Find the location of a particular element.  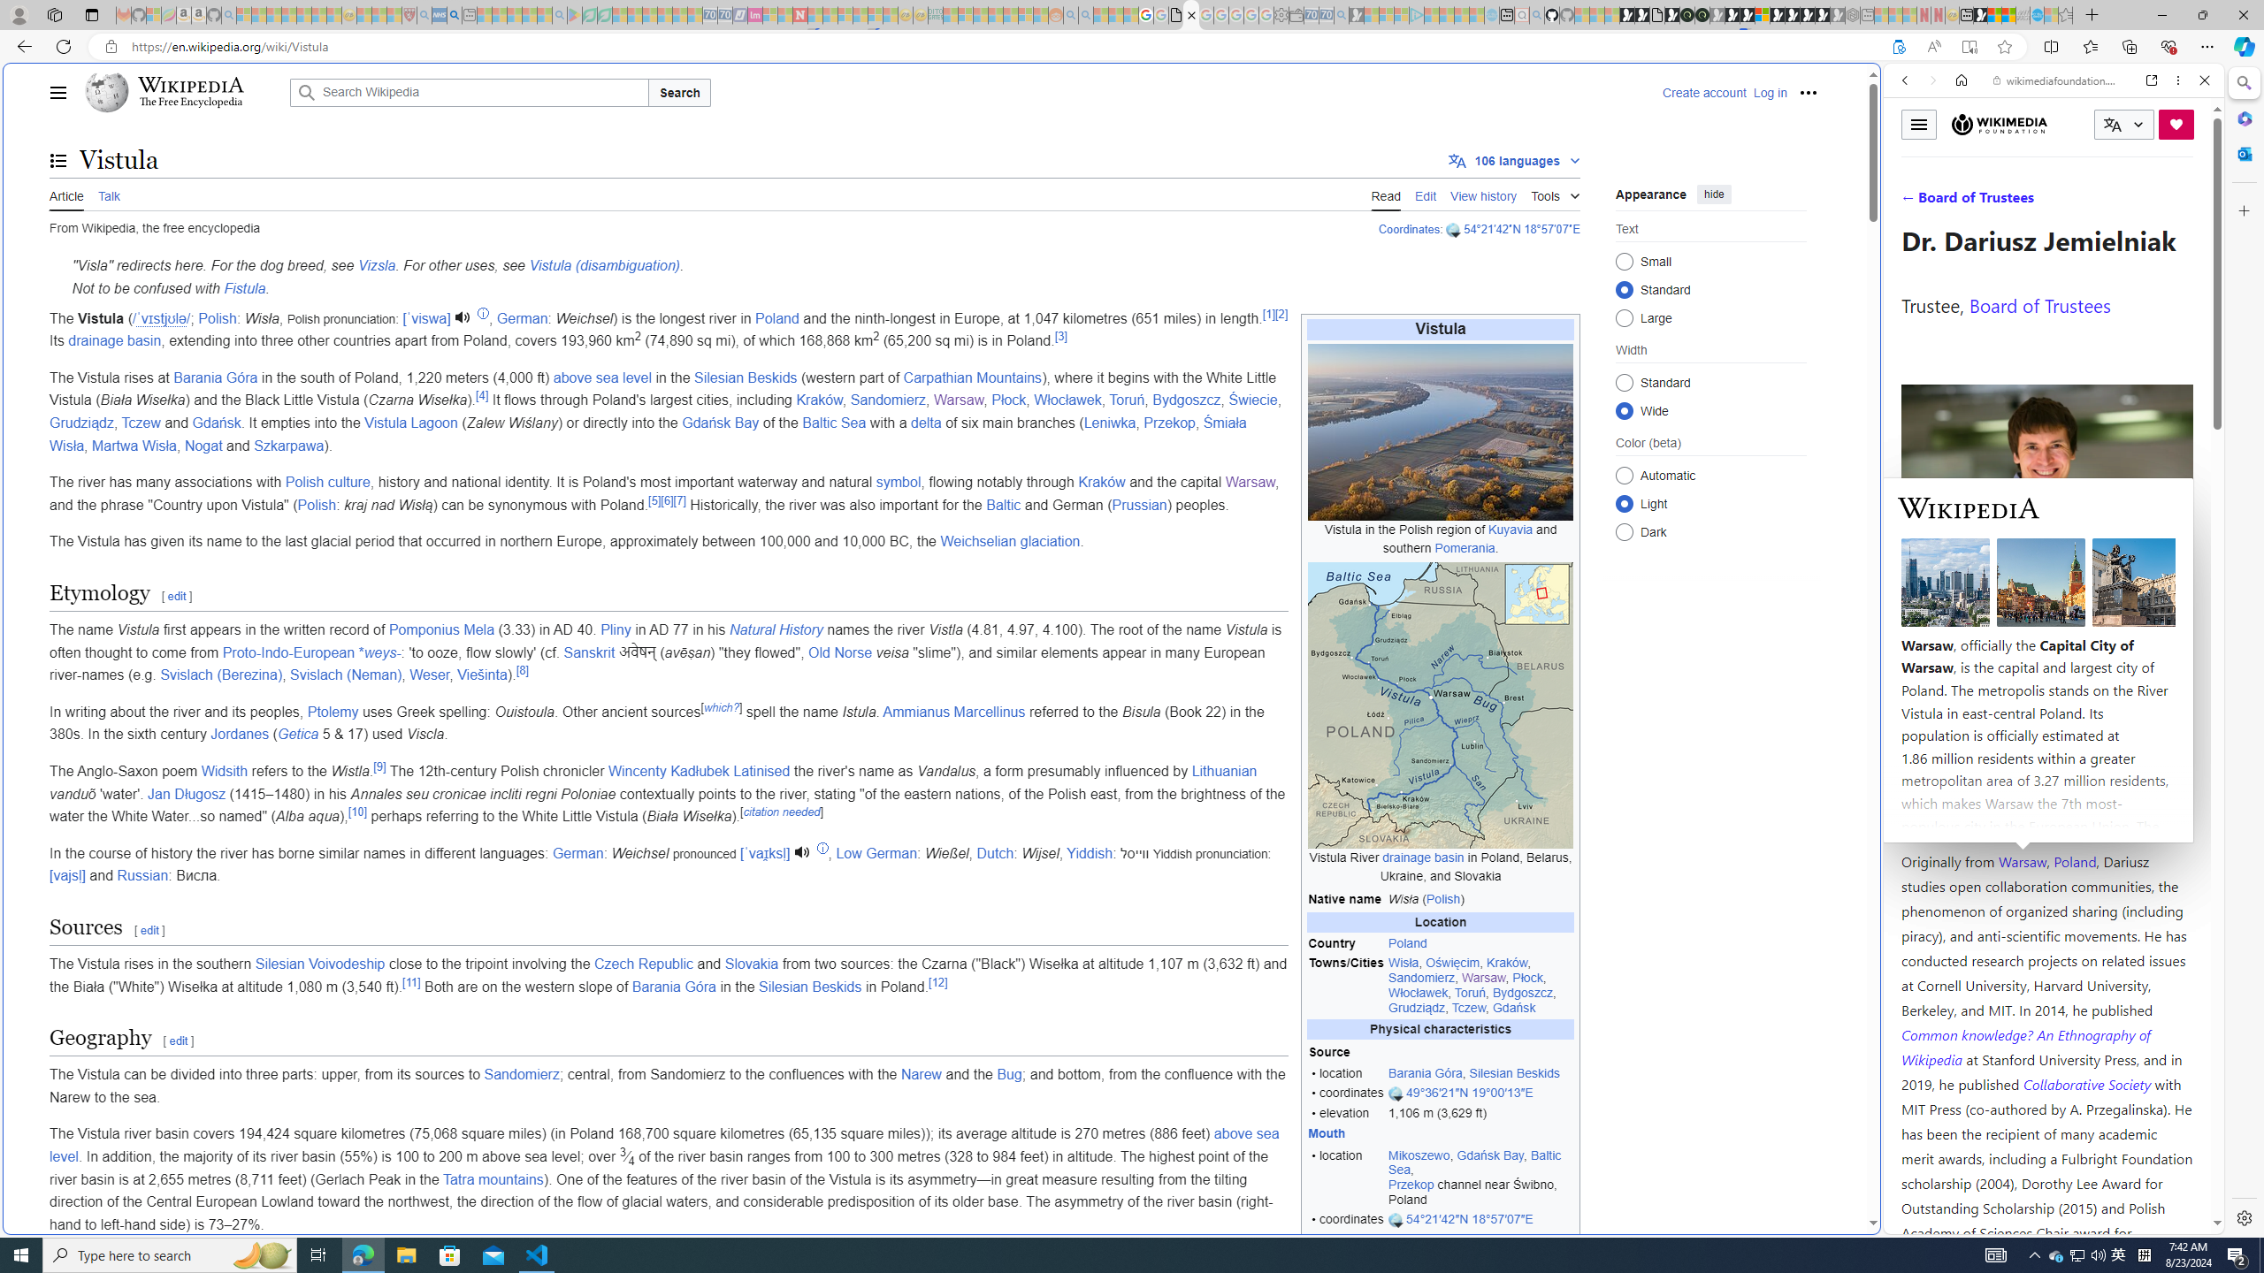

'Edit' is located at coordinates (1425, 194).